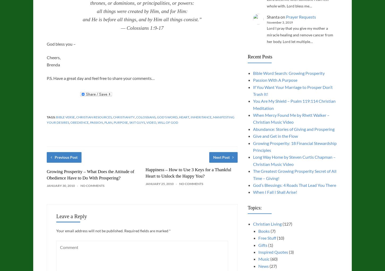 This screenshot has height=271, width=385. Describe the element at coordinates (270, 245) in the screenshot. I see `'(1)'` at that location.